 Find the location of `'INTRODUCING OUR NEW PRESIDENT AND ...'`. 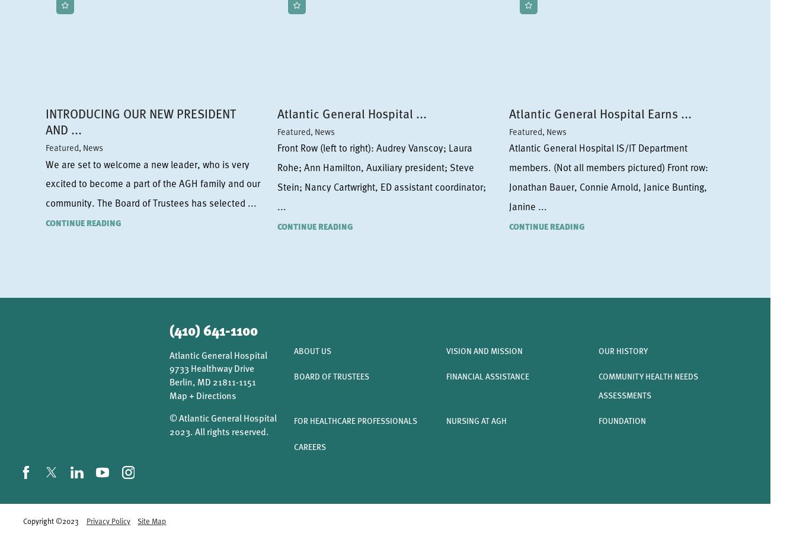

'INTRODUCING OUR NEW PRESIDENT AND ...' is located at coordinates (139, 120).